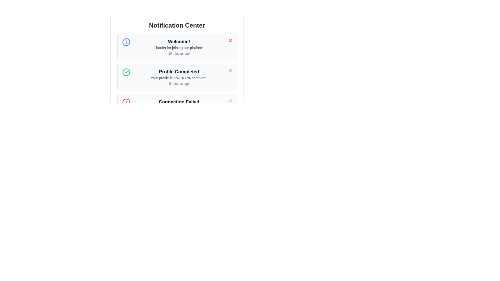 The height and width of the screenshot is (281, 500). I want to click on the dismiss button for the 'Connection Failed' notification located at the top-right corner of the notification card, so click(230, 101).